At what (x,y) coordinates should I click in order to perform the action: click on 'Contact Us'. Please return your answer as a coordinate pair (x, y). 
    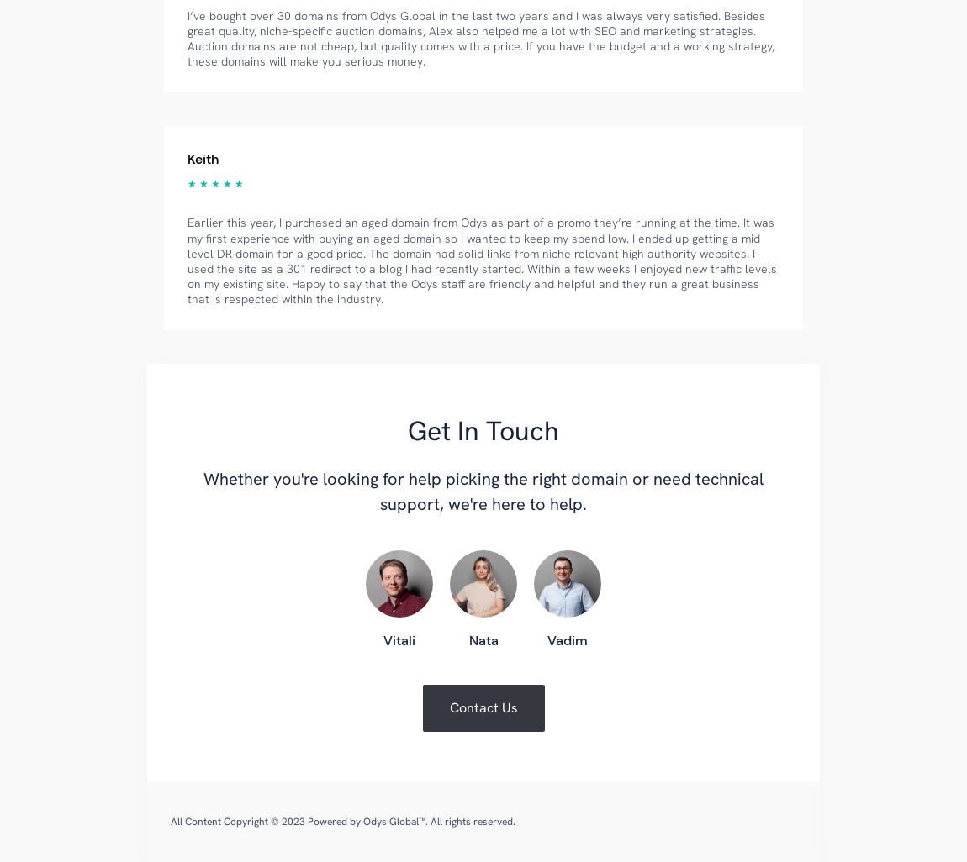
    Looking at the image, I should click on (483, 707).